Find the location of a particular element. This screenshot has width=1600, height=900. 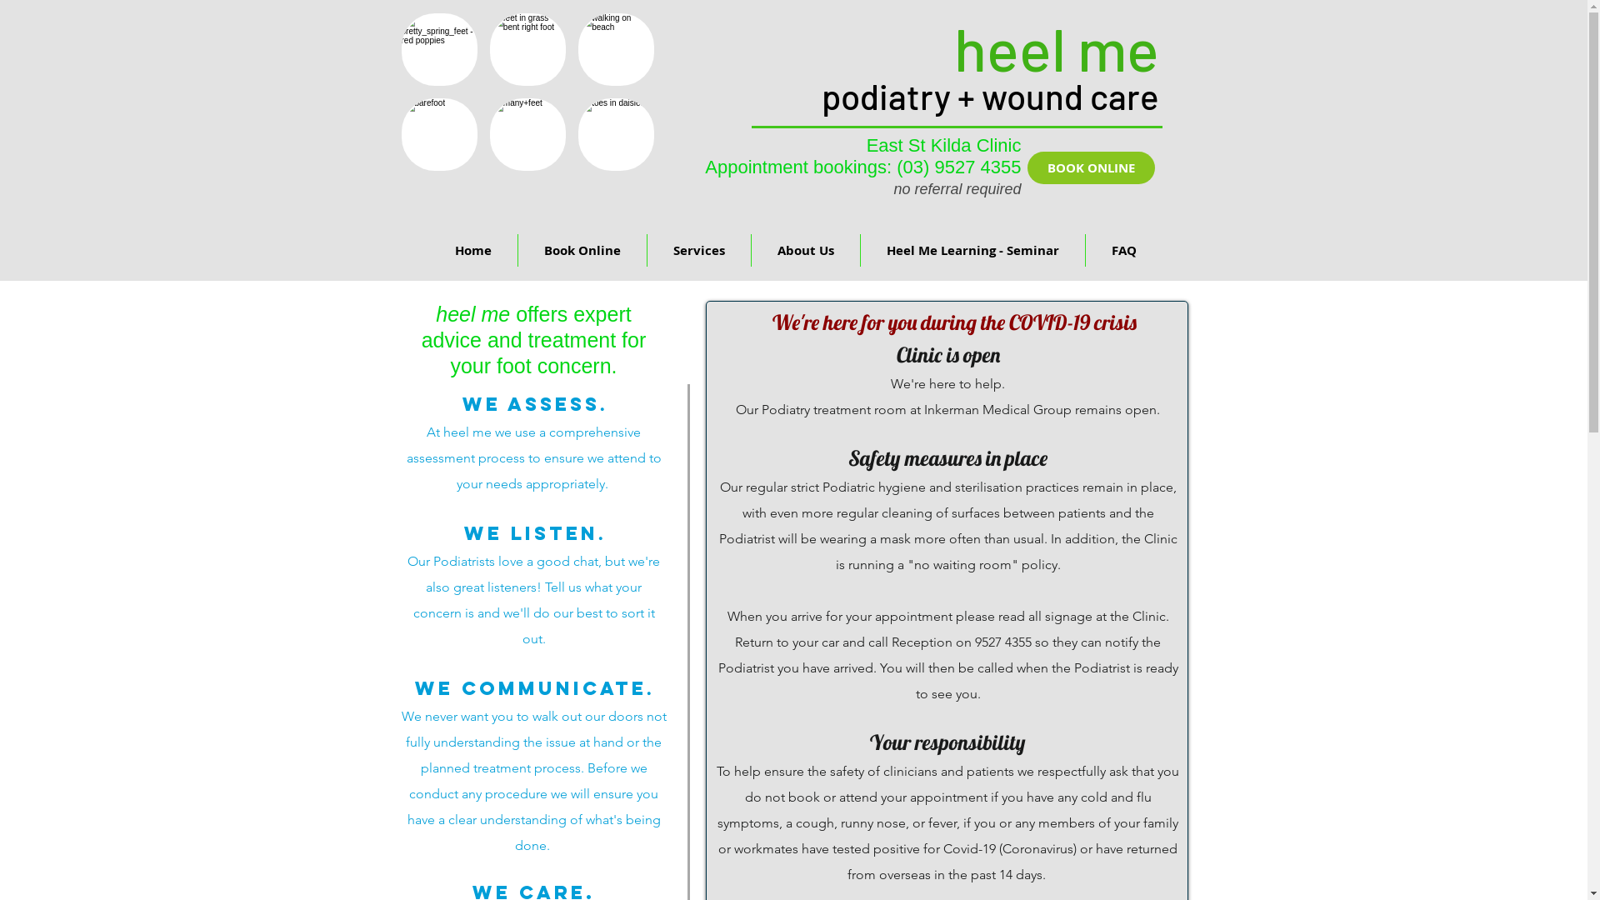

'BOOK ONLINE' is located at coordinates (1090, 167).